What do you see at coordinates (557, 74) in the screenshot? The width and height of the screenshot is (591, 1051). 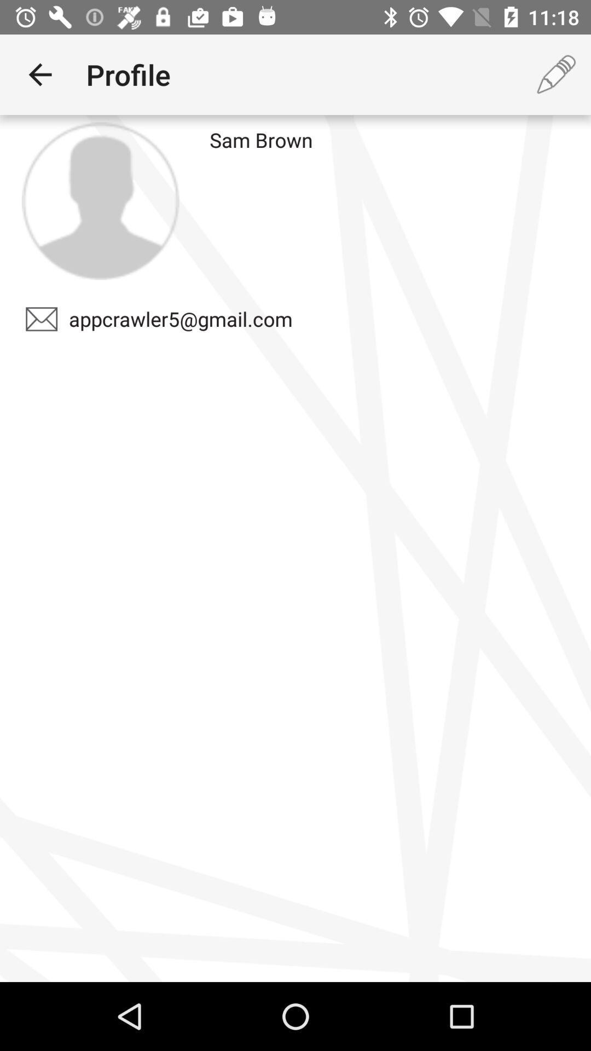 I see `item at the top right corner` at bounding box center [557, 74].